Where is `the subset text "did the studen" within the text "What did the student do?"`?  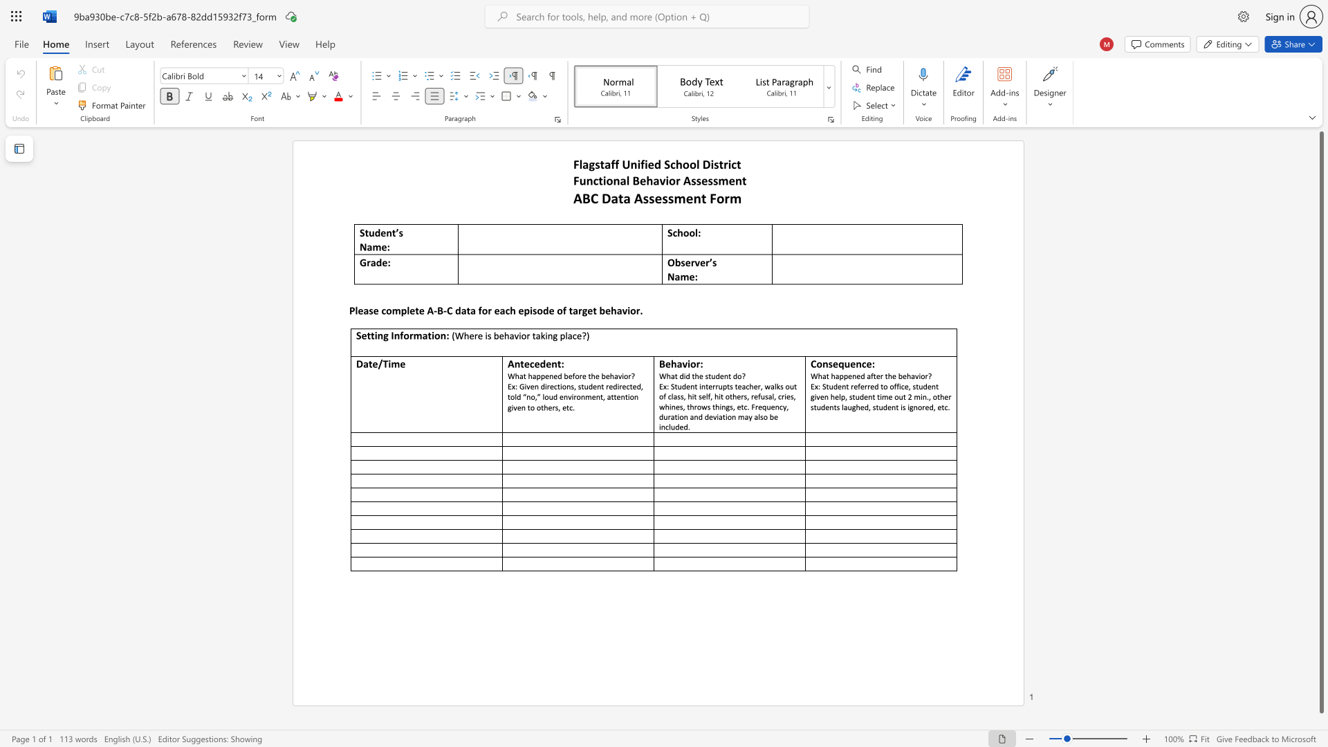 the subset text "did the studen" within the text "What did the student do?" is located at coordinates (679, 376).